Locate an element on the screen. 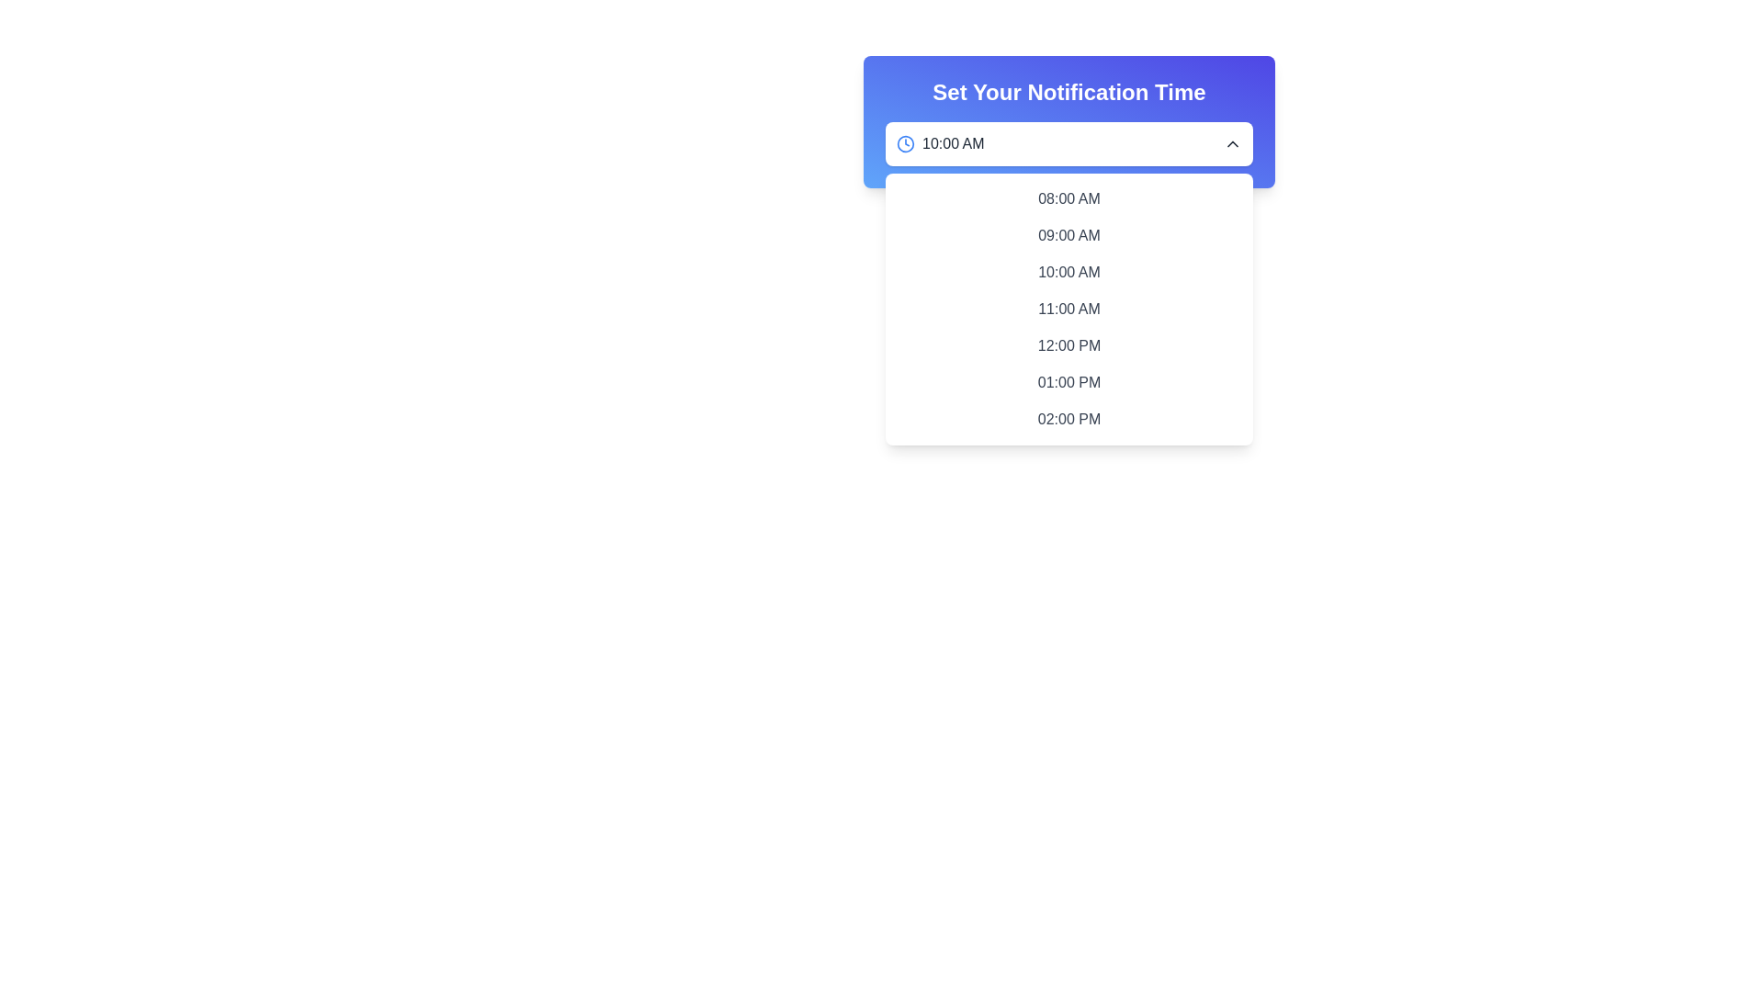  the second time selection option in the dropdown menu to set the notification time is located at coordinates (1069, 235).